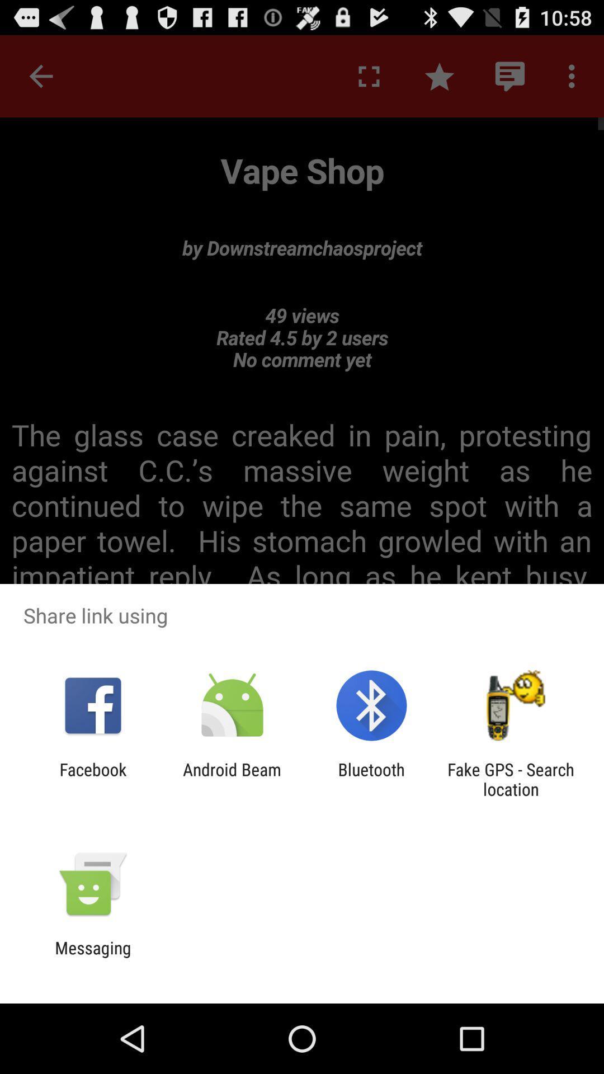 This screenshot has height=1074, width=604. Describe the element at coordinates (511, 779) in the screenshot. I see `icon to the right of the bluetooth app` at that location.